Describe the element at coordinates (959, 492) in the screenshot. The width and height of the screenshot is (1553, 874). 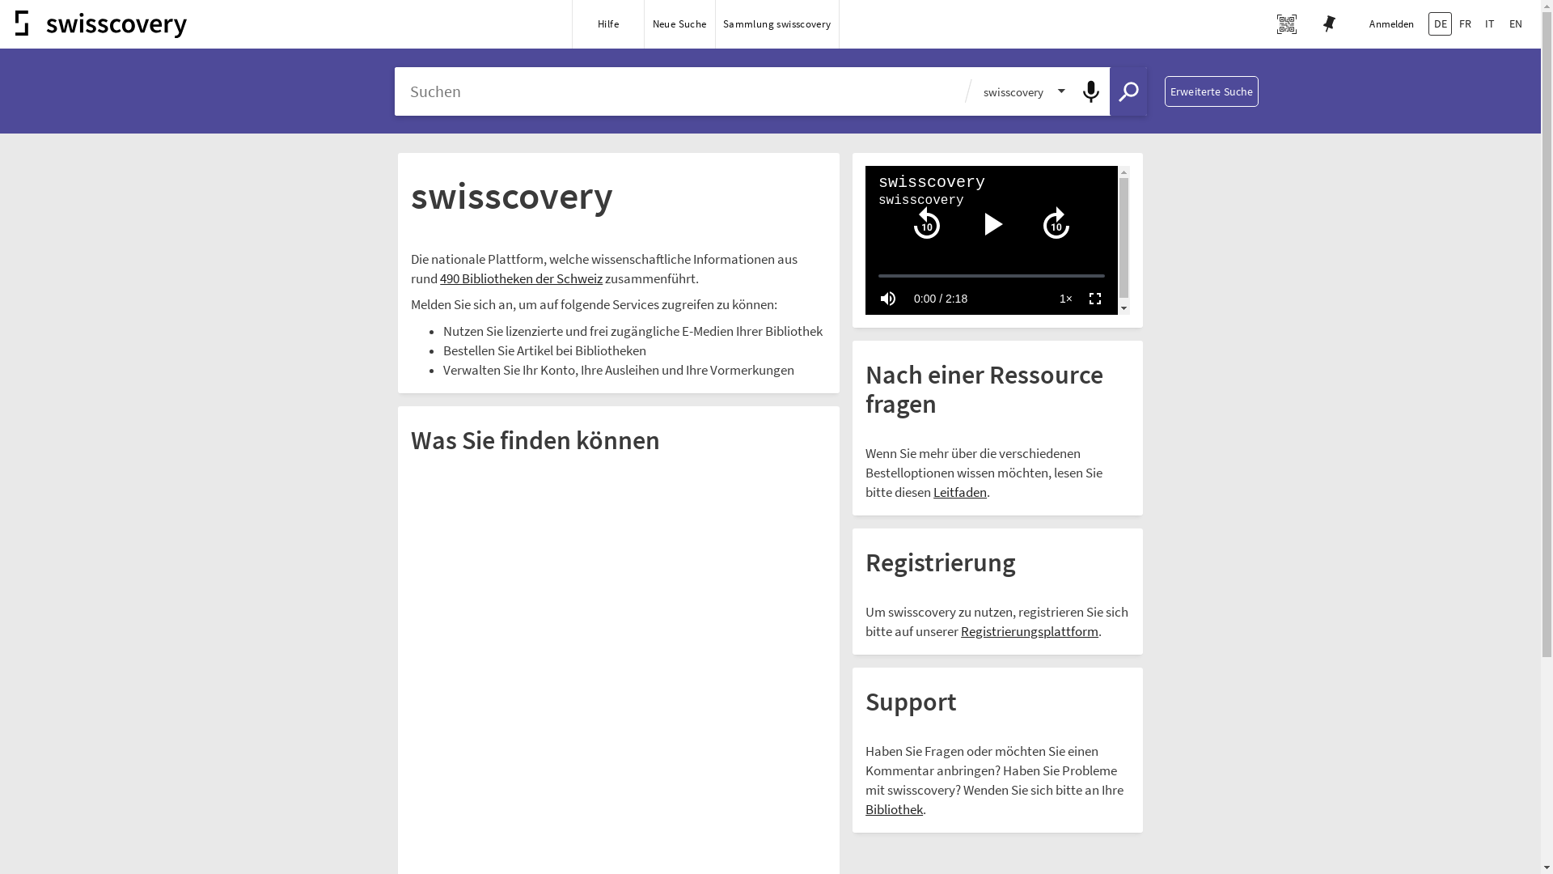
I see `'Leitfaden'` at that location.